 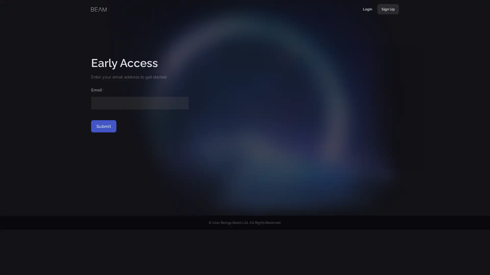 I want to click on Submit, so click(x=103, y=126).